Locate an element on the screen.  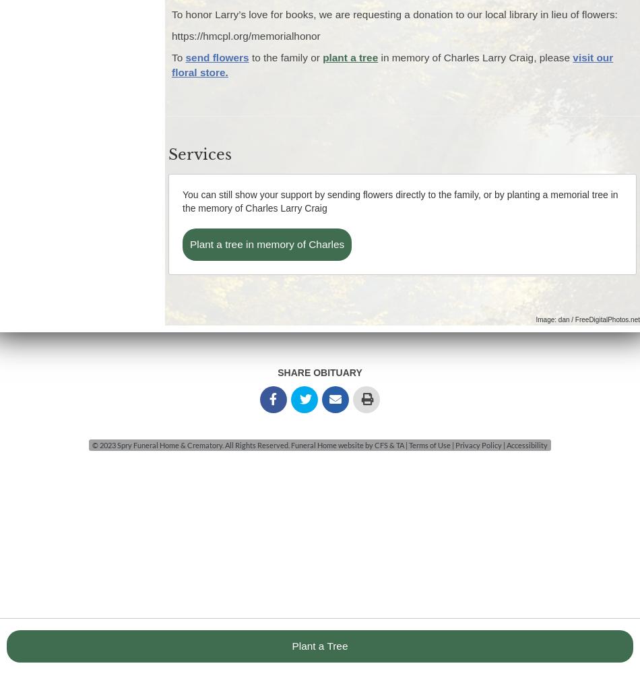
'Image: dan / FreeDigitalPhotos.net' is located at coordinates (587, 318).